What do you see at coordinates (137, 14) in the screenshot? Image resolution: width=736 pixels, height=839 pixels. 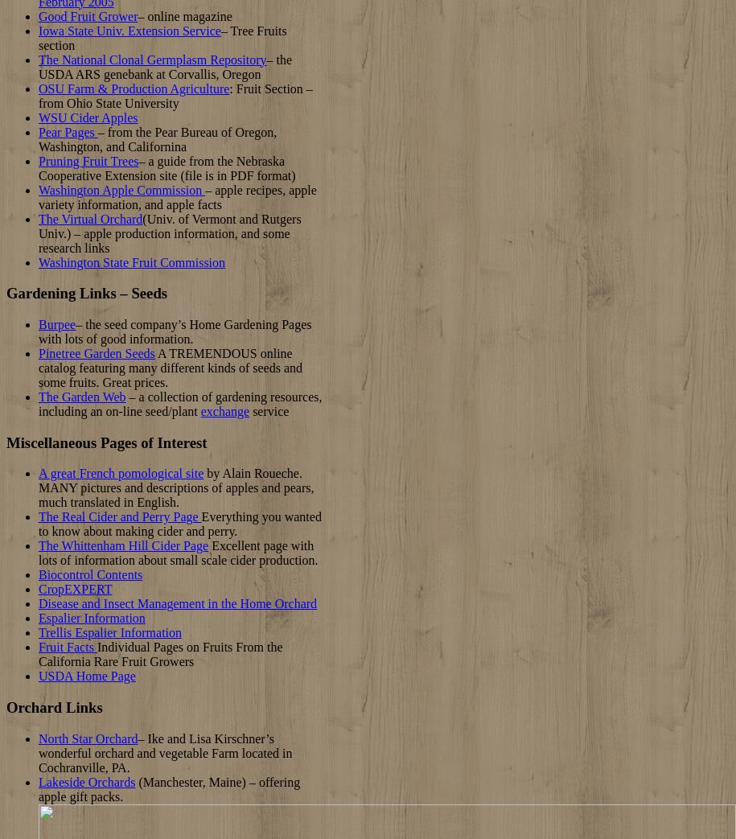 I see `'– online magazine'` at bounding box center [137, 14].